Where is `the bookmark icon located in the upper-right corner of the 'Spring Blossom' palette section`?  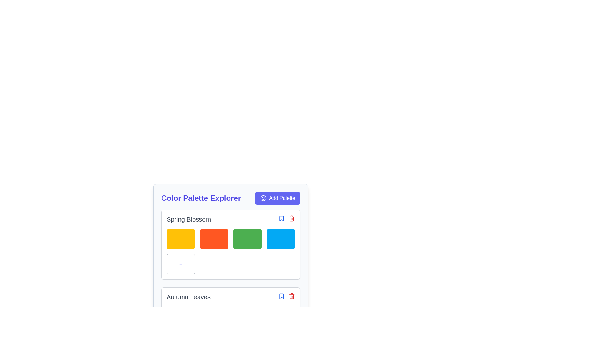
the bookmark icon located in the upper-right corner of the 'Spring Blossom' palette section is located at coordinates (281, 296).